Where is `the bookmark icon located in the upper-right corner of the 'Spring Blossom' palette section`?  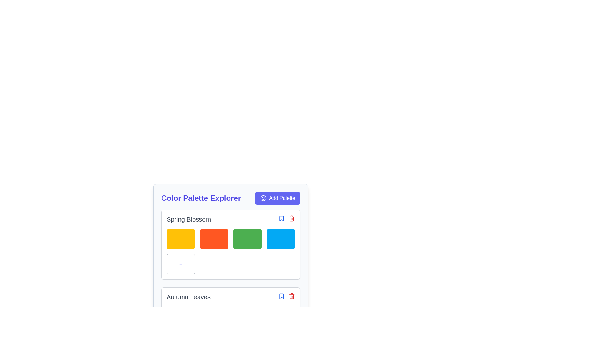
the bookmark icon located in the upper-right corner of the 'Spring Blossom' palette section is located at coordinates (281, 296).